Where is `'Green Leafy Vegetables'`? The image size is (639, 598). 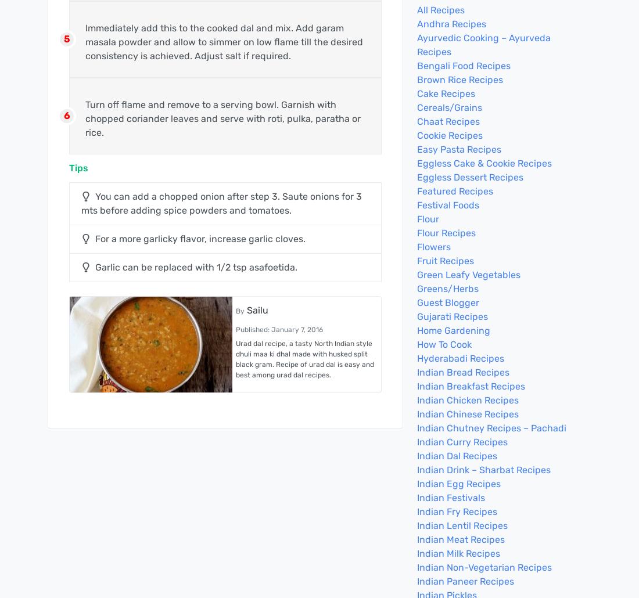
'Green Leafy Vegetables' is located at coordinates (416, 274).